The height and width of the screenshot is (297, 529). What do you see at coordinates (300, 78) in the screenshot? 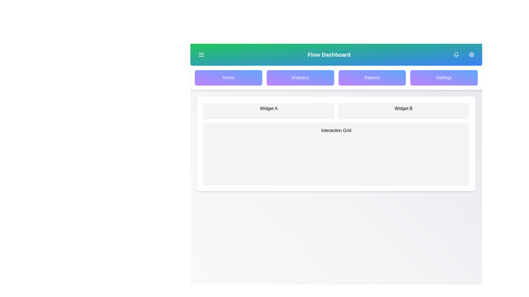
I see `the navigation button for Analytics to navigate to the respective section` at bounding box center [300, 78].